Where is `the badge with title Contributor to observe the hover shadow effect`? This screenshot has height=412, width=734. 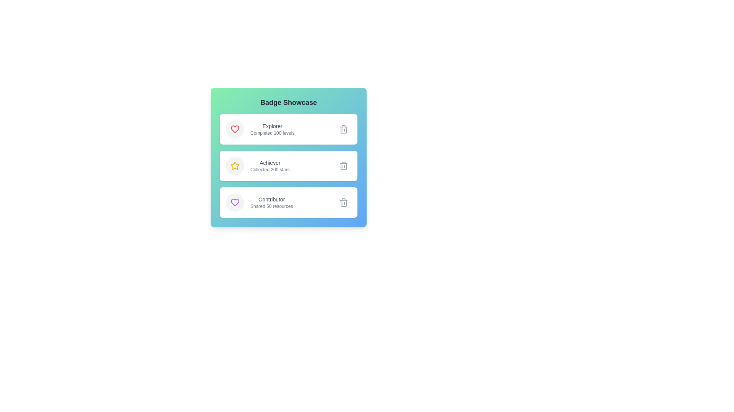 the badge with title Contributor to observe the hover shadow effect is located at coordinates (288, 202).